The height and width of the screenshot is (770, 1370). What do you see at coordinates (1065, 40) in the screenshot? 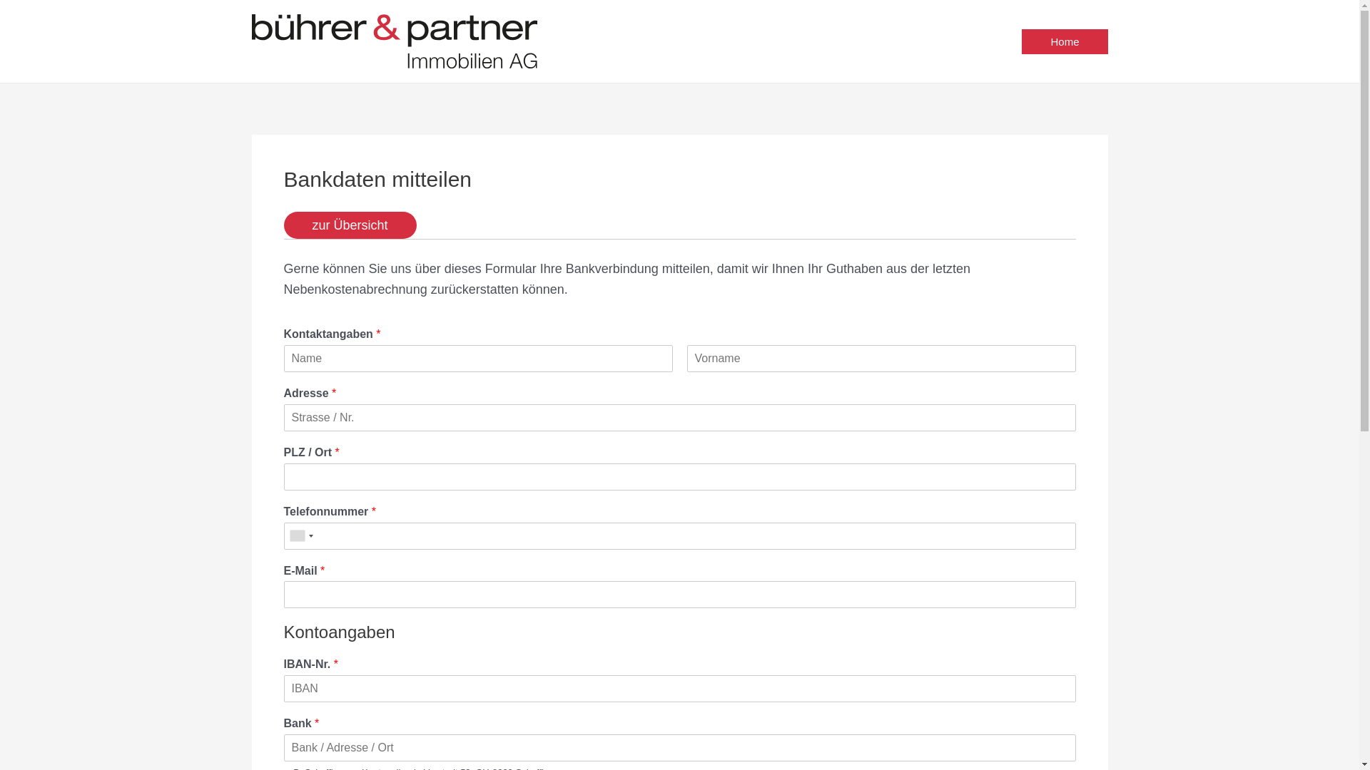
I see `'Home'` at bounding box center [1065, 40].